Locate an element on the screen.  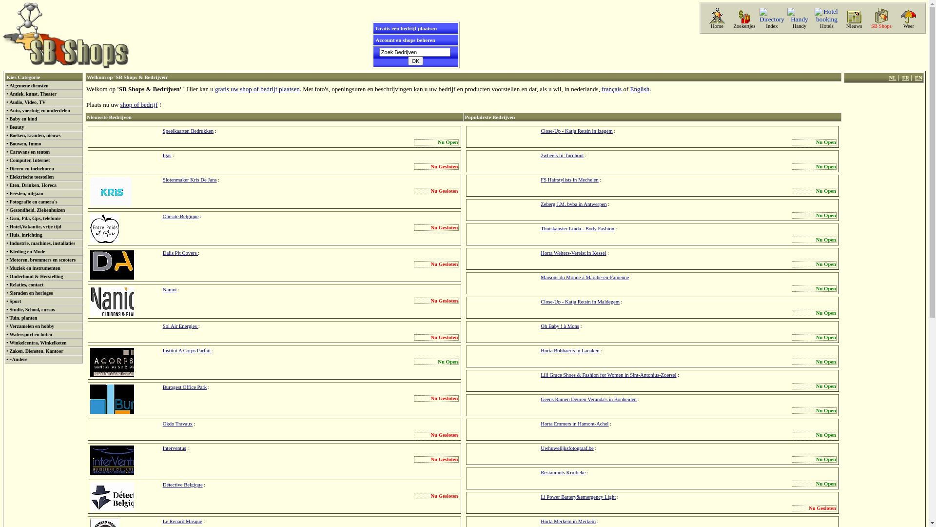
'Home' is located at coordinates (717, 25).